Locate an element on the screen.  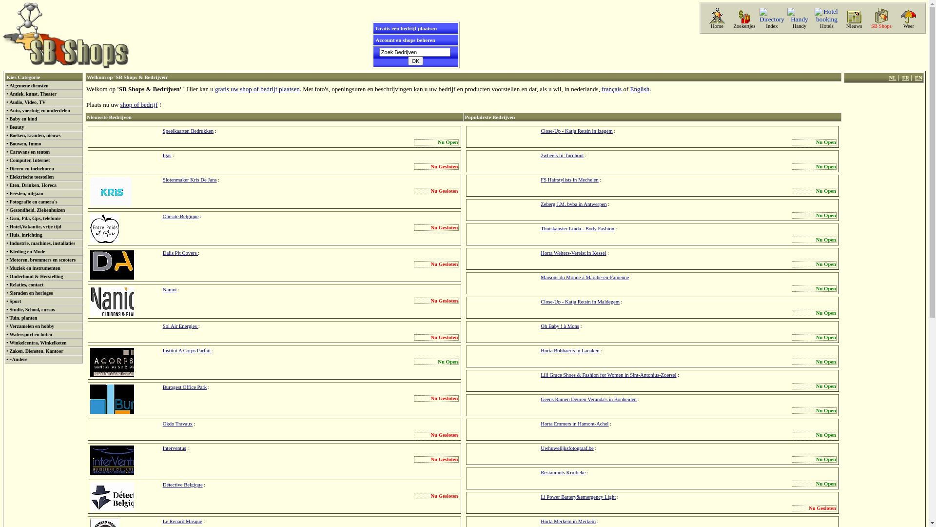
'Home' is located at coordinates (717, 25).